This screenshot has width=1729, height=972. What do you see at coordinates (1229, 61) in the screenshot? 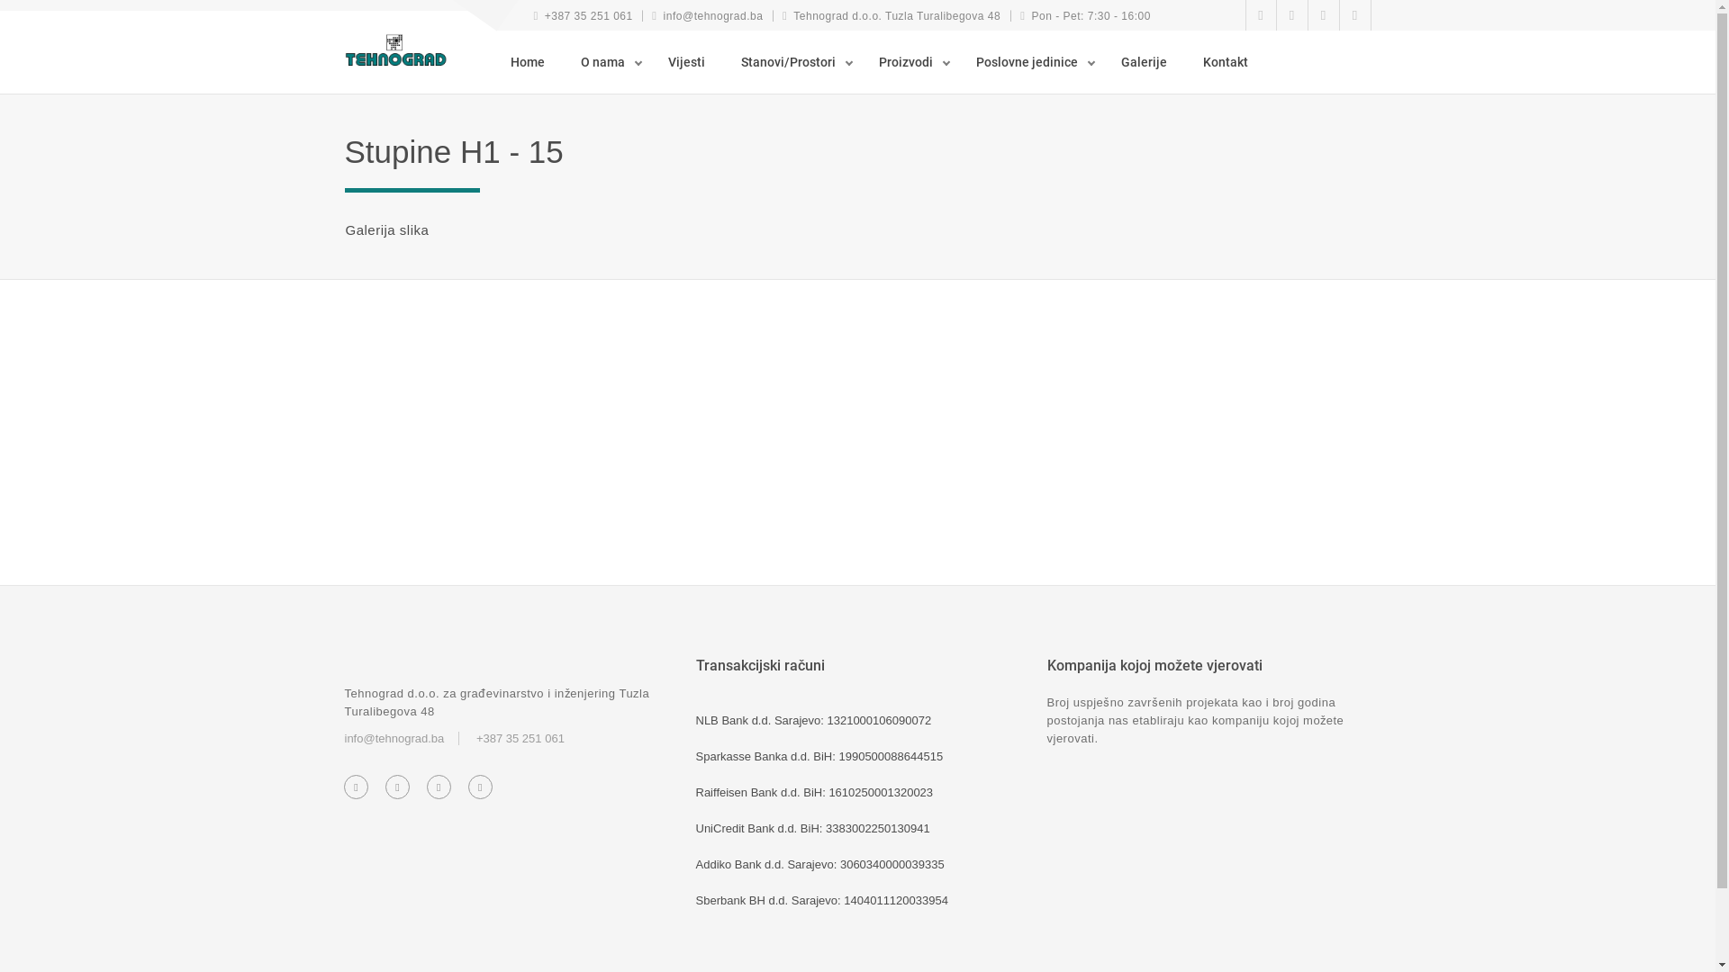
I see `'Kontakt'` at bounding box center [1229, 61].